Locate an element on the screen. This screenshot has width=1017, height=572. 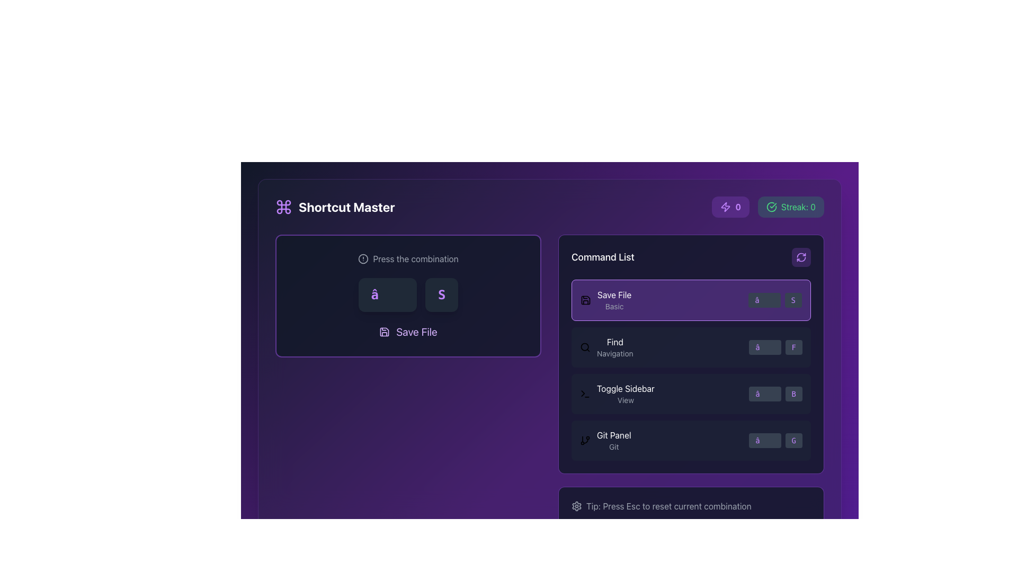
the text label or header at the top-left corner of the right section of the interface, which serves as a label for the command options listed below it is located at coordinates (603, 257).